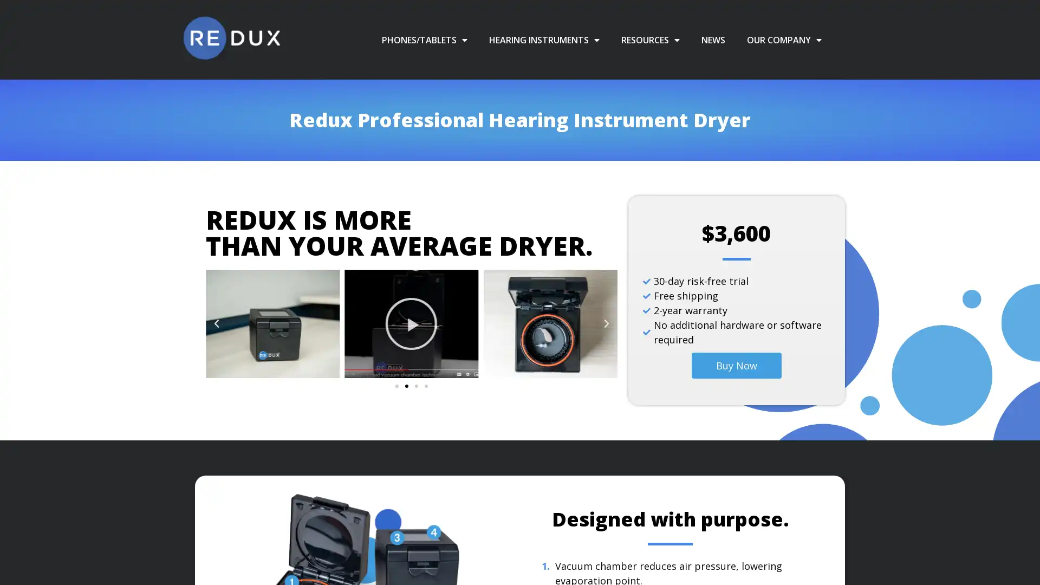 The width and height of the screenshot is (1040, 585). Describe the element at coordinates (605, 323) in the screenshot. I see `Next slide` at that location.